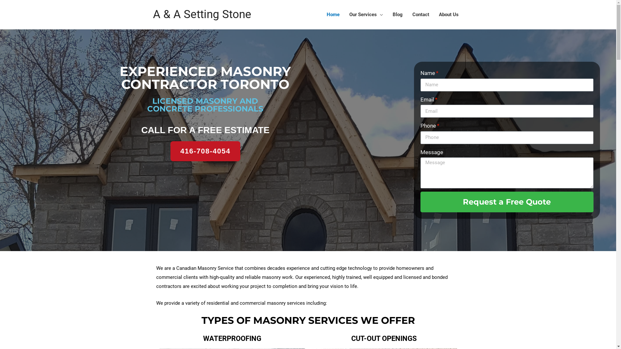 The width and height of the screenshot is (621, 349). I want to click on 'Contact', so click(420, 15).